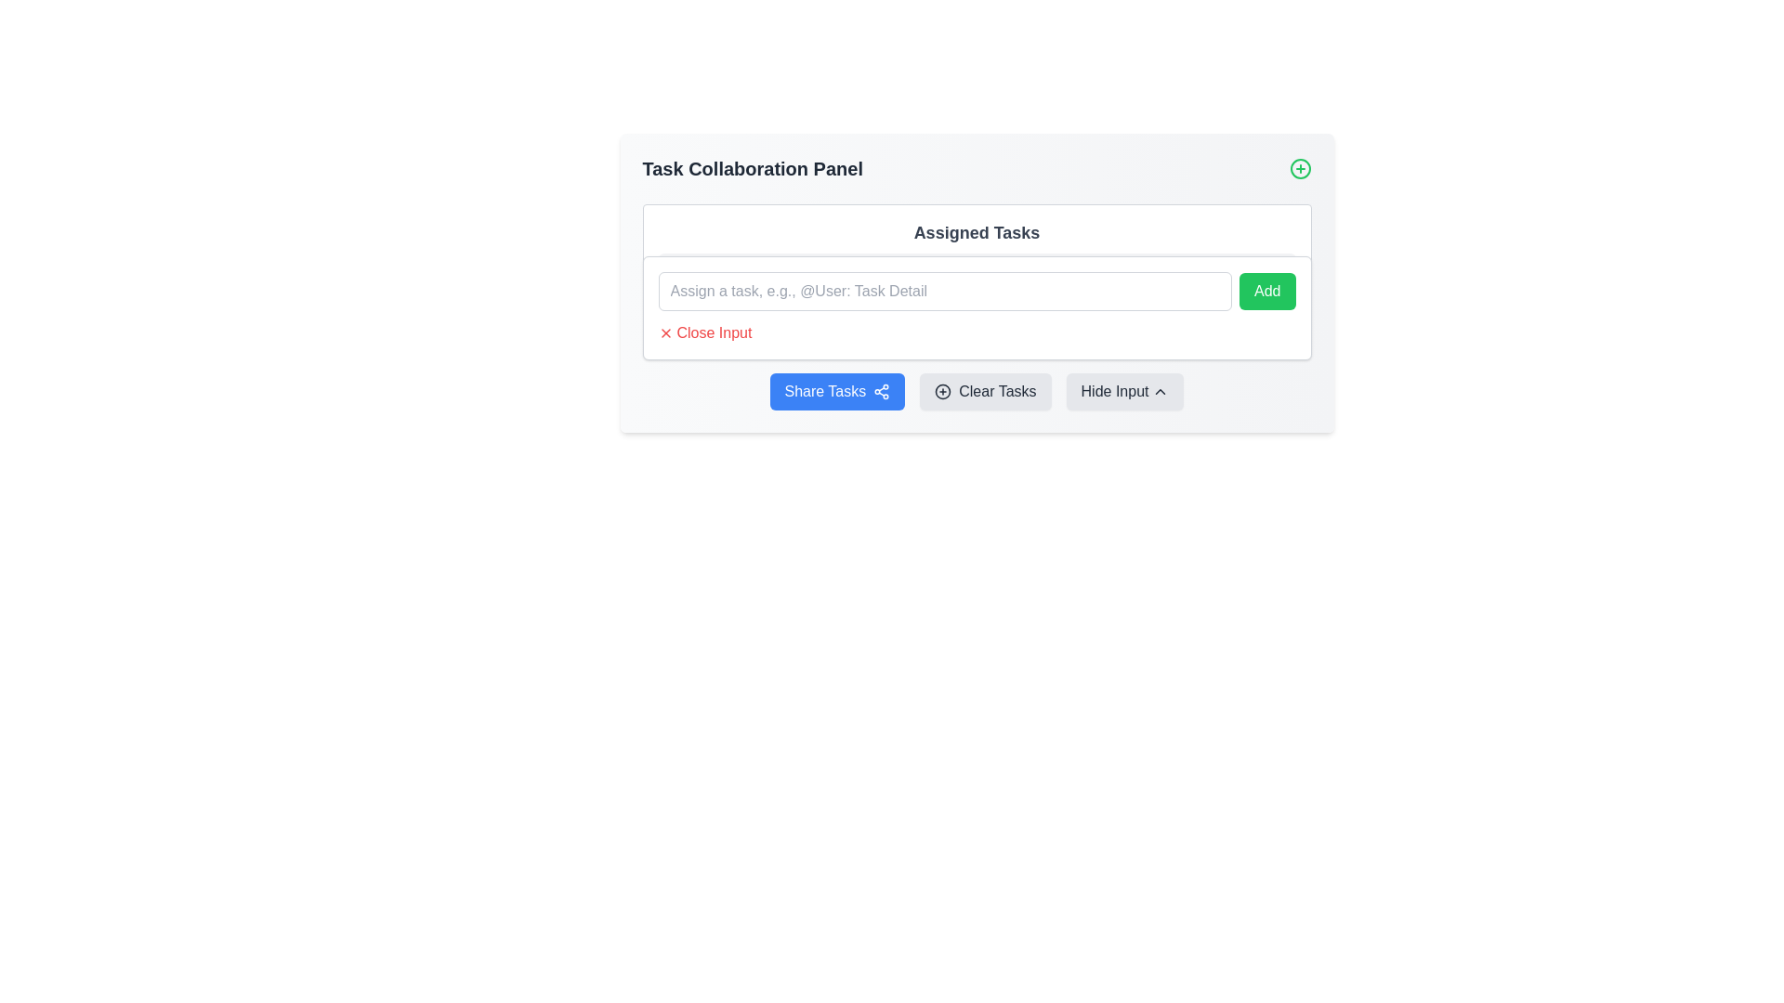  I want to click on the 'Close Input' icon located in the 'Assigned Tasks' section, so click(665, 332).